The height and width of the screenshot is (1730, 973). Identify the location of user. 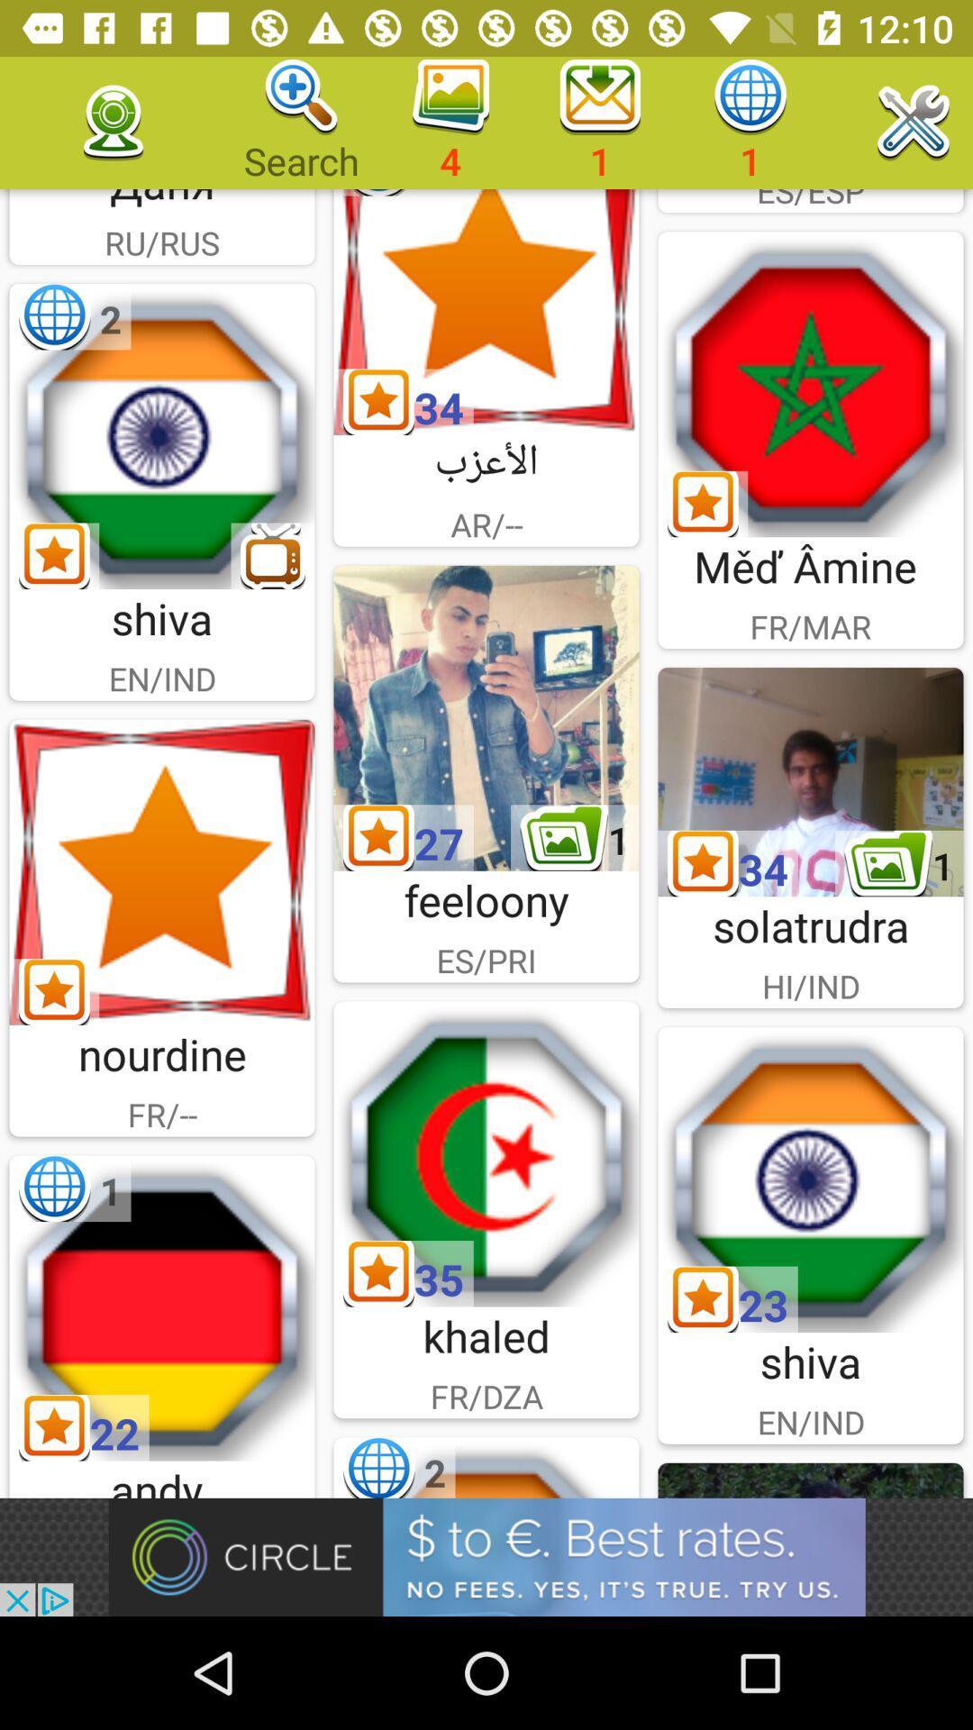
(486, 717).